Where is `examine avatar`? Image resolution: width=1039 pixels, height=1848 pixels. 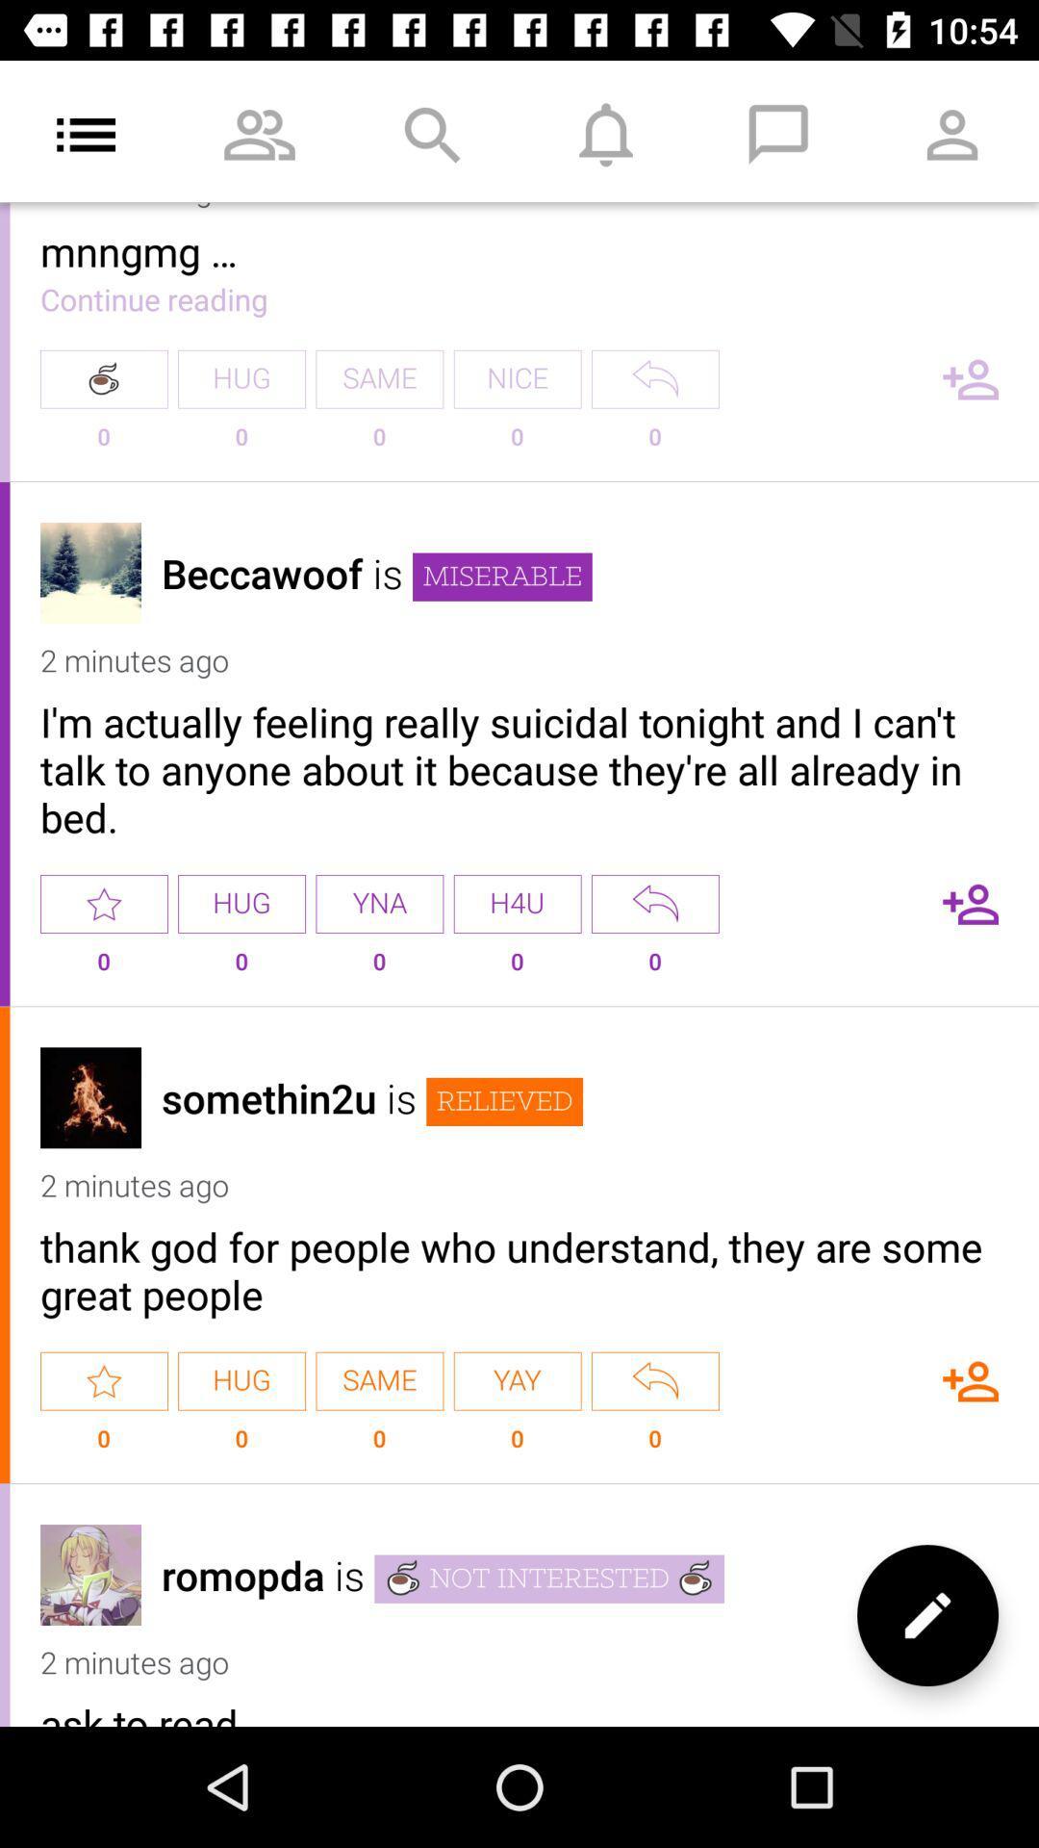
examine avatar is located at coordinates (90, 1097).